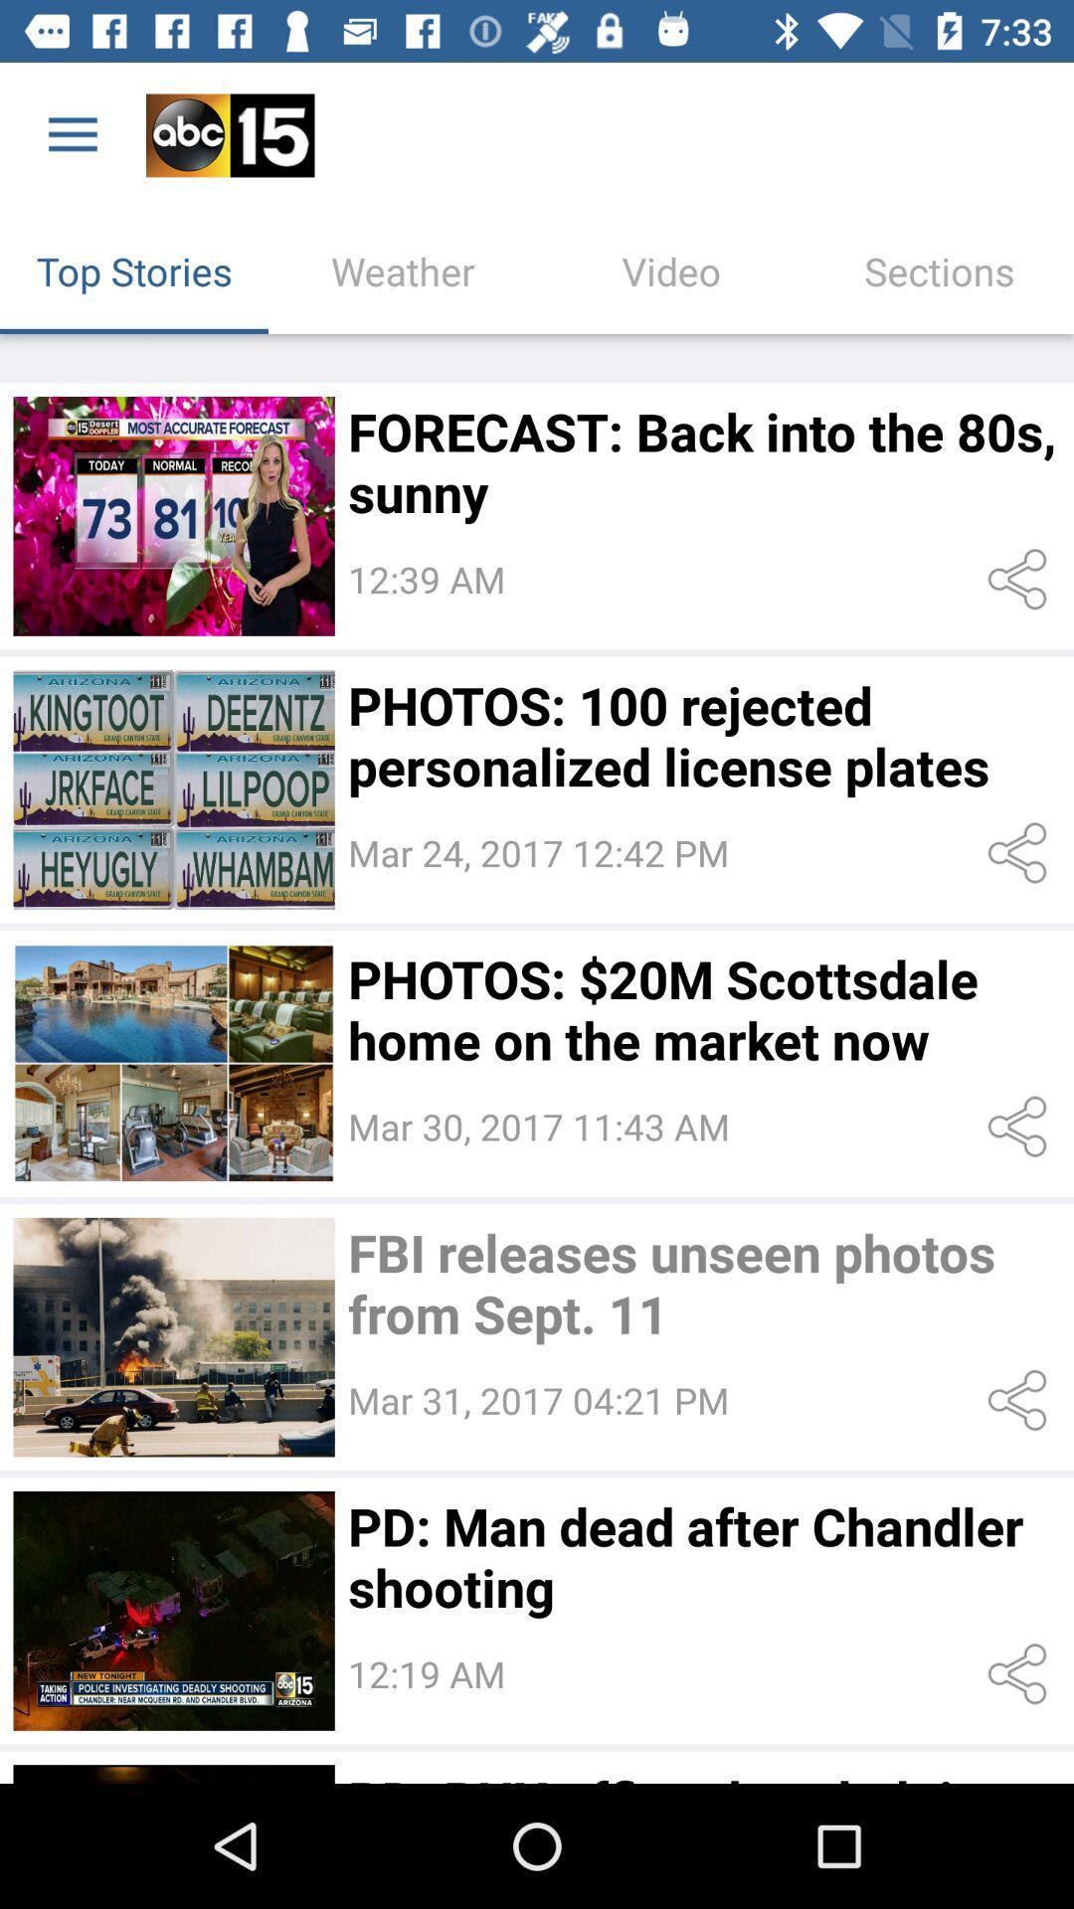  Describe the element at coordinates (173, 788) in the screenshot. I see `the license plates` at that location.